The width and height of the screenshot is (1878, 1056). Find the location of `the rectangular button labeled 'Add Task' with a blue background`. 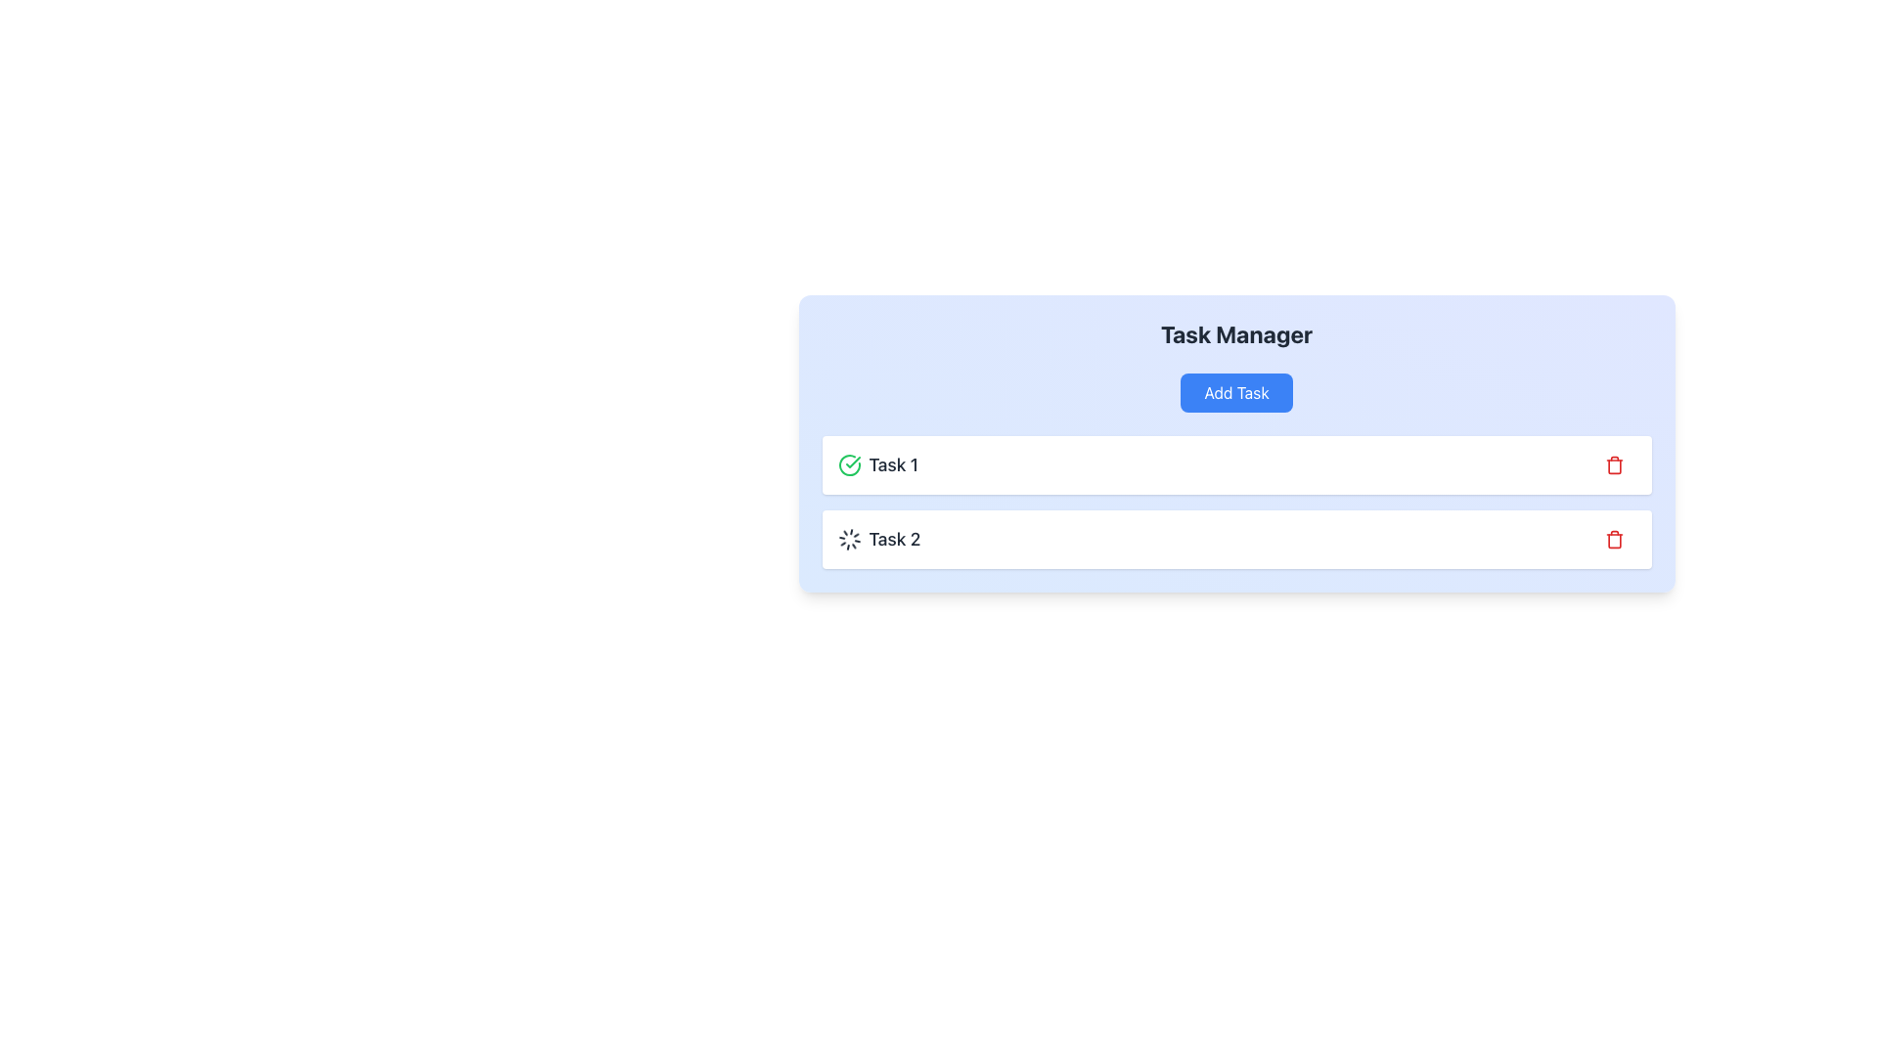

the rectangular button labeled 'Add Task' with a blue background is located at coordinates (1235, 392).